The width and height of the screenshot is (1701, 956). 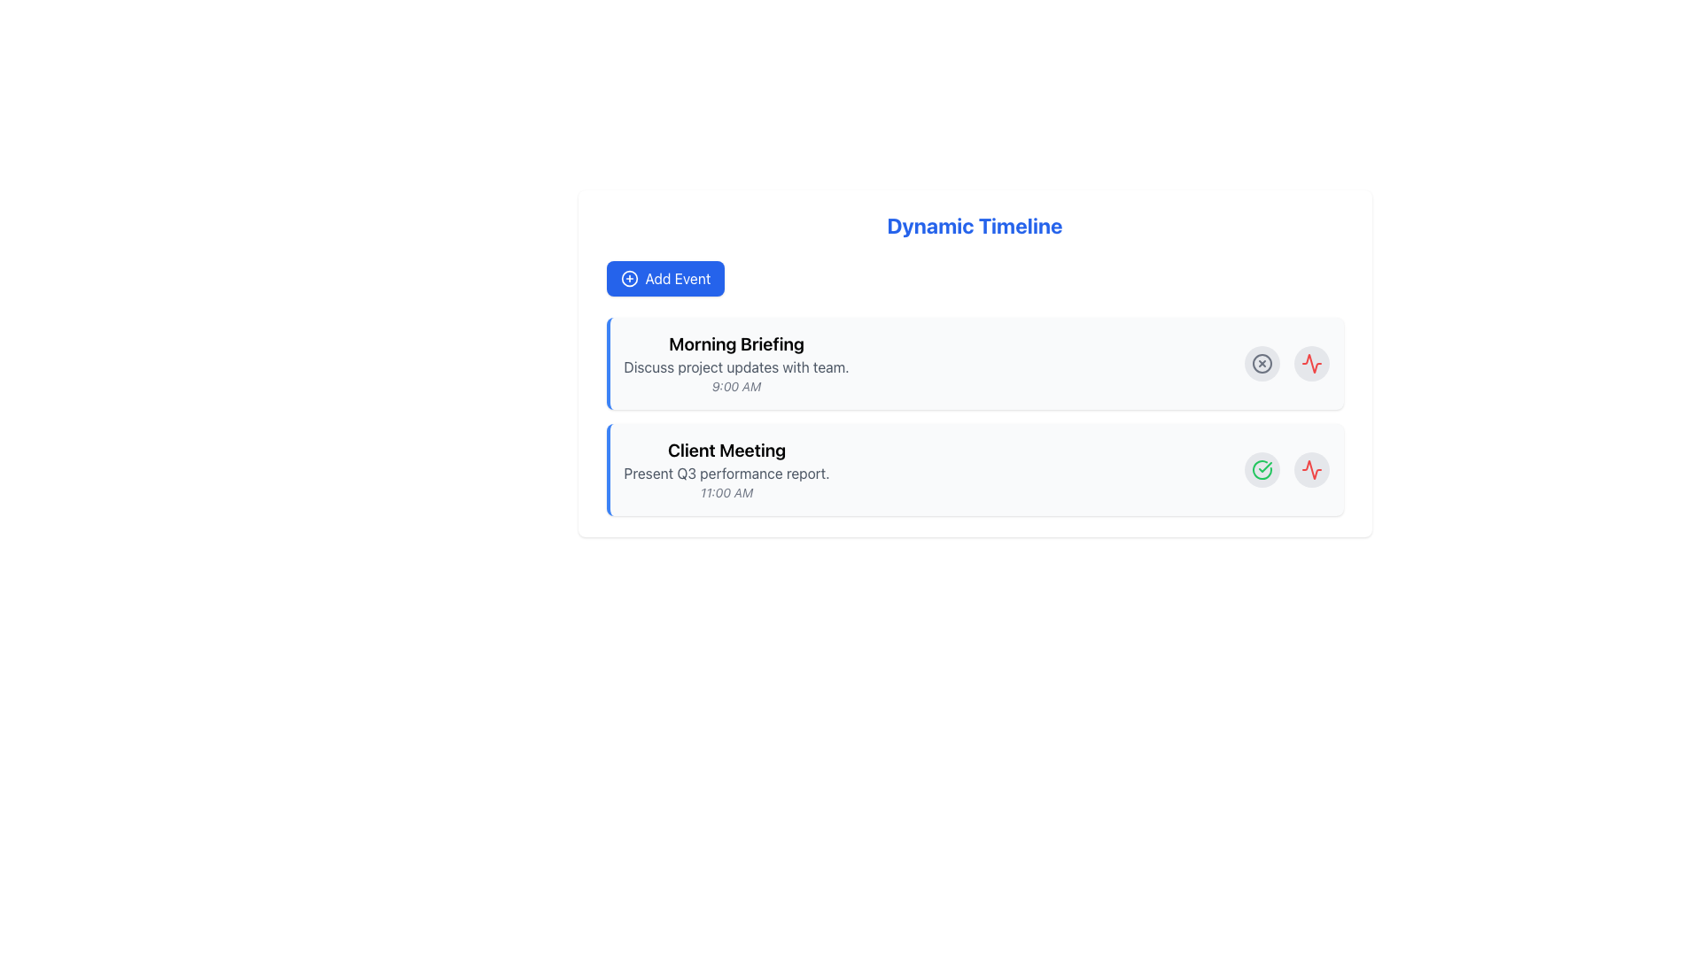 What do you see at coordinates (1311, 363) in the screenshot?
I see `the interactive button for the second meeting entry in the timeline view, located on the right side next to a green checkmark` at bounding box center [1311, 363].